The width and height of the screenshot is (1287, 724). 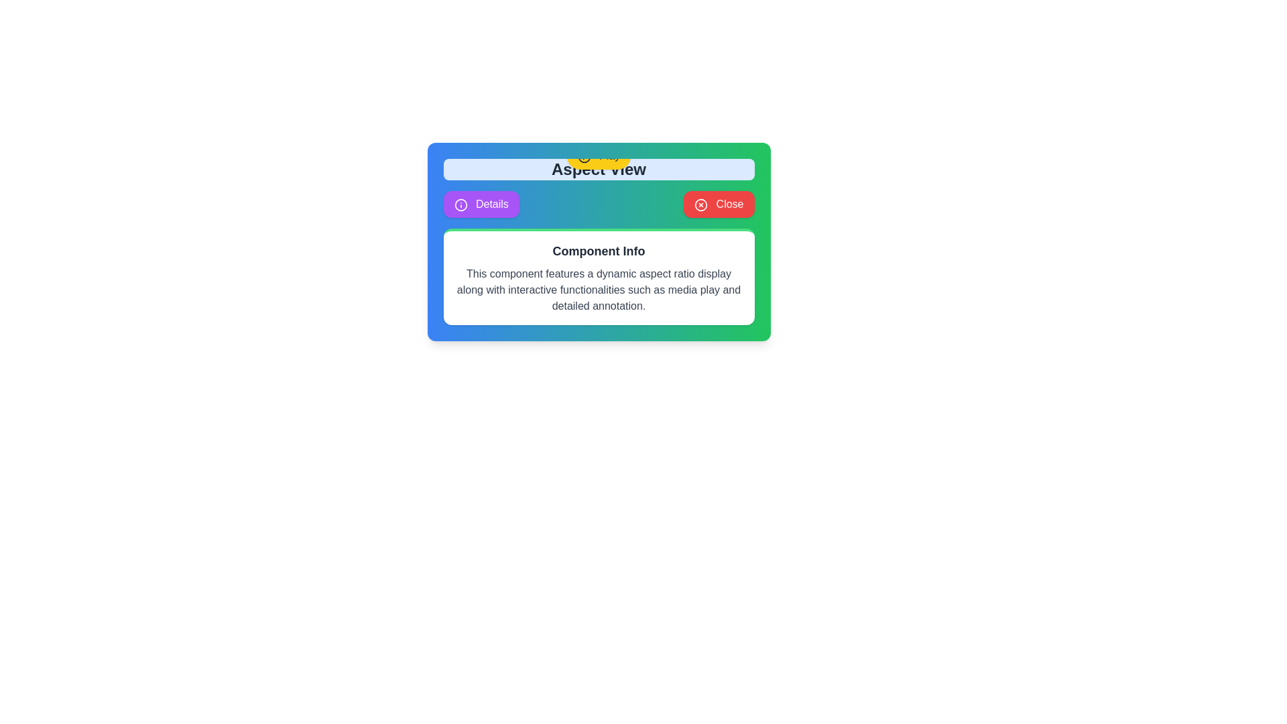 What do you see at coordinates (584, 156) in the screenshot?
I see `the circular play icon with a triangle symbol inside it, located to the left of the 'Play' text label in the bottom center of the modal` at bounding box center [584, 156].